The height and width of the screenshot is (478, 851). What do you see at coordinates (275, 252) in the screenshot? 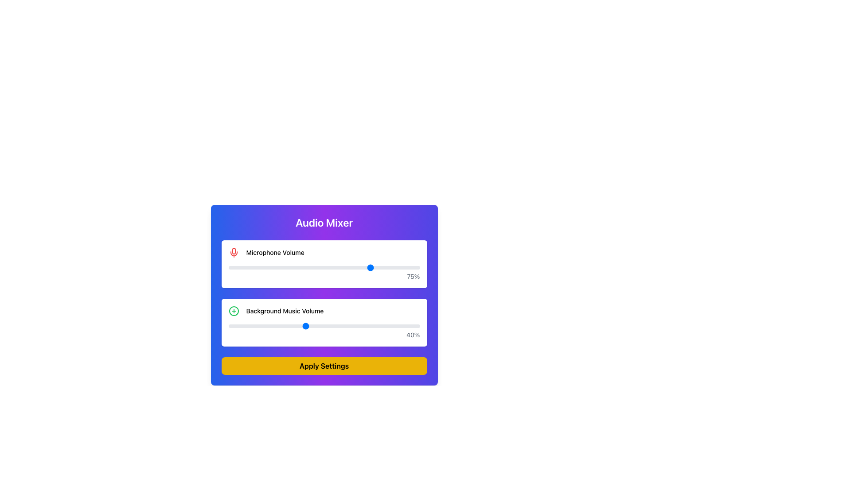
I see `the text label that describes the microphone volume control, located to the right of the red microphone icon in the 'Audio Mixer' card` at bounding box center [275, 252].